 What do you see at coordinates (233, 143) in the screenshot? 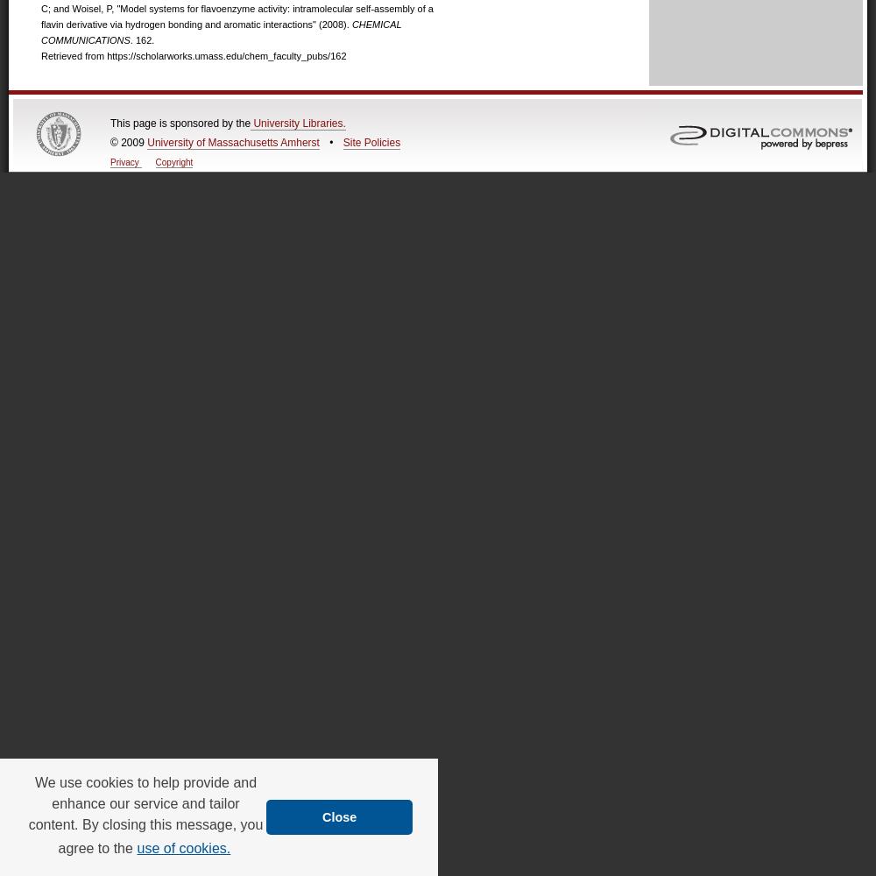
I see `'University of Massachusetts Amherst'` at bounding box center [233, 143].